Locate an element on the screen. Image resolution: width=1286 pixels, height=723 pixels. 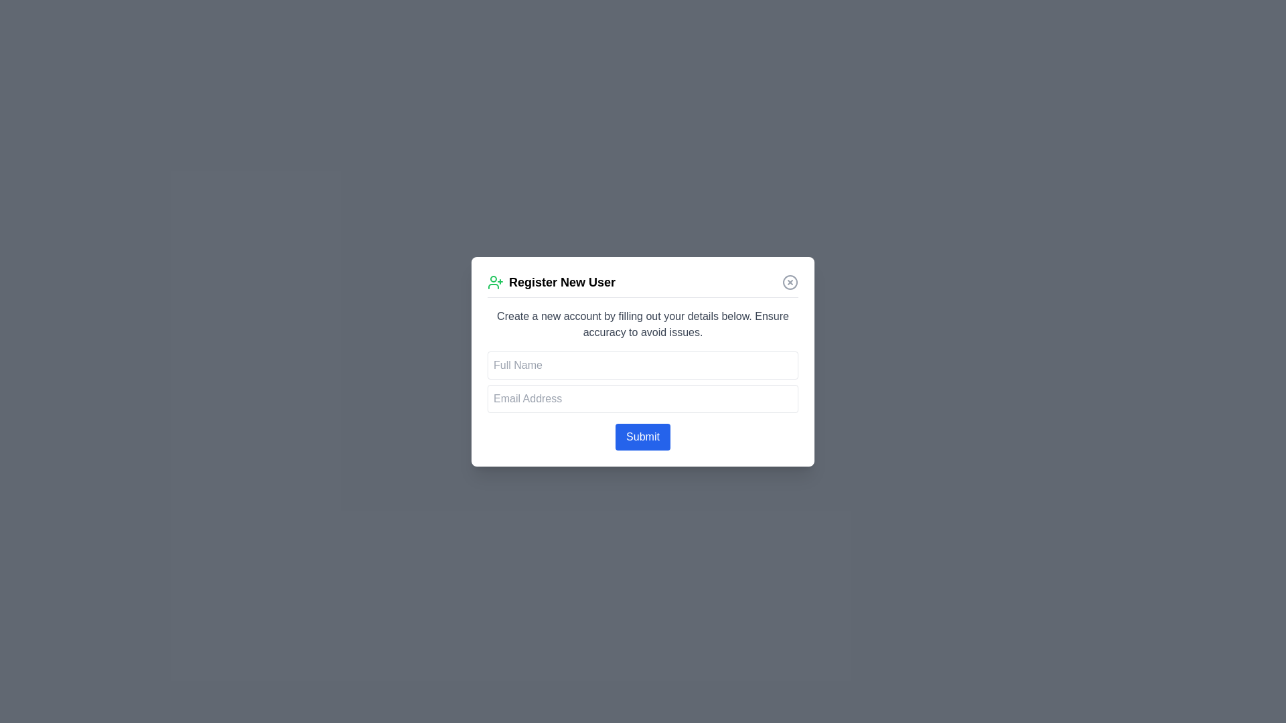
the submit button to trigger form submission is located at coordinates (643, 436).